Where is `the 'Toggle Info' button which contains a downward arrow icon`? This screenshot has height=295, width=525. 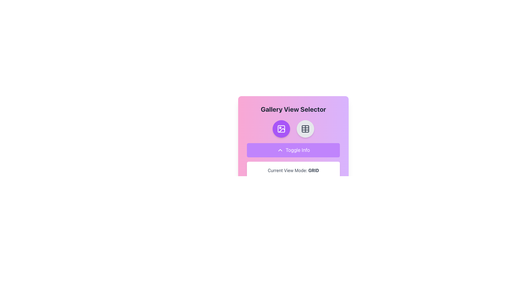
the 'Toggle Info' button which contains a downward arrow icon is located at coordinates (280, 150).